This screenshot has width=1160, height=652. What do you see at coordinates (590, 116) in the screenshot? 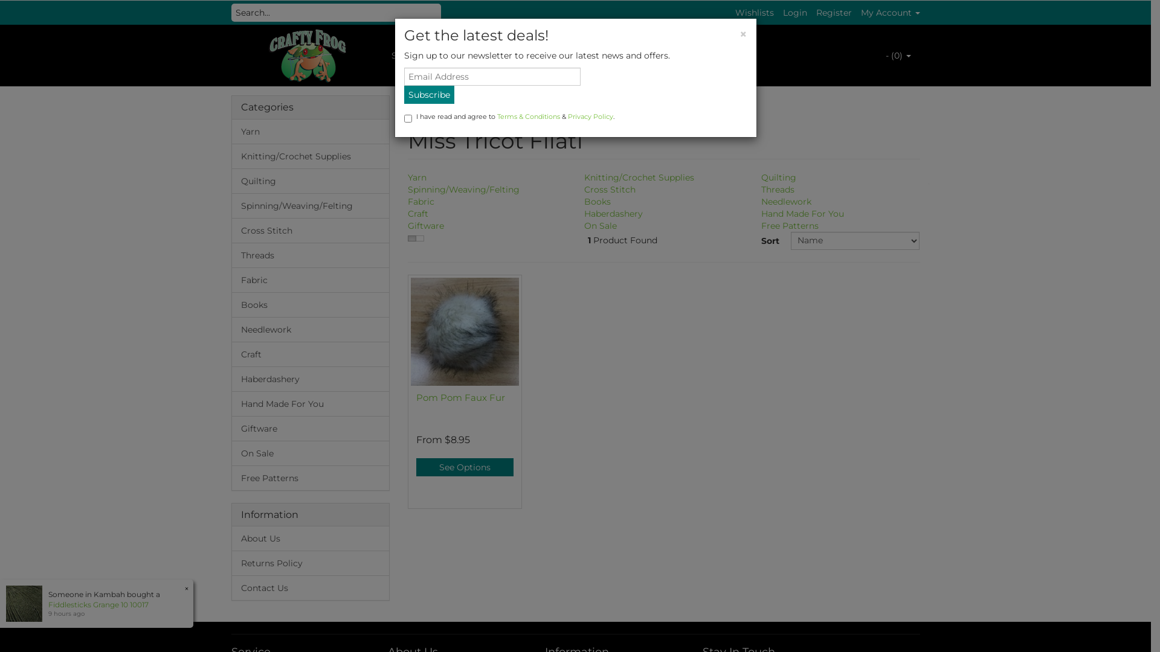
I see `'Privacy Policy'` at bounding box center [590, 116].